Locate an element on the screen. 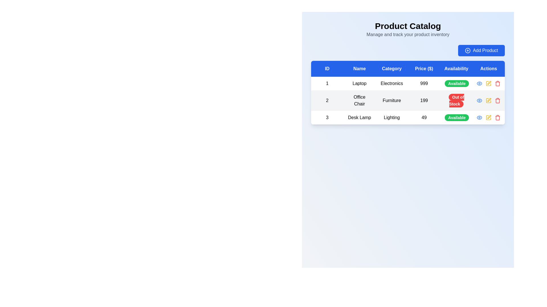 Image resolution: width=547 pixels, height=307 pixels. the price text of the product 'Laptop' located in the fourth column of the first row of the 'Product Catalog' table, adjacent to 'Electronics' and 'Available' is located at coordinates (424, 83).